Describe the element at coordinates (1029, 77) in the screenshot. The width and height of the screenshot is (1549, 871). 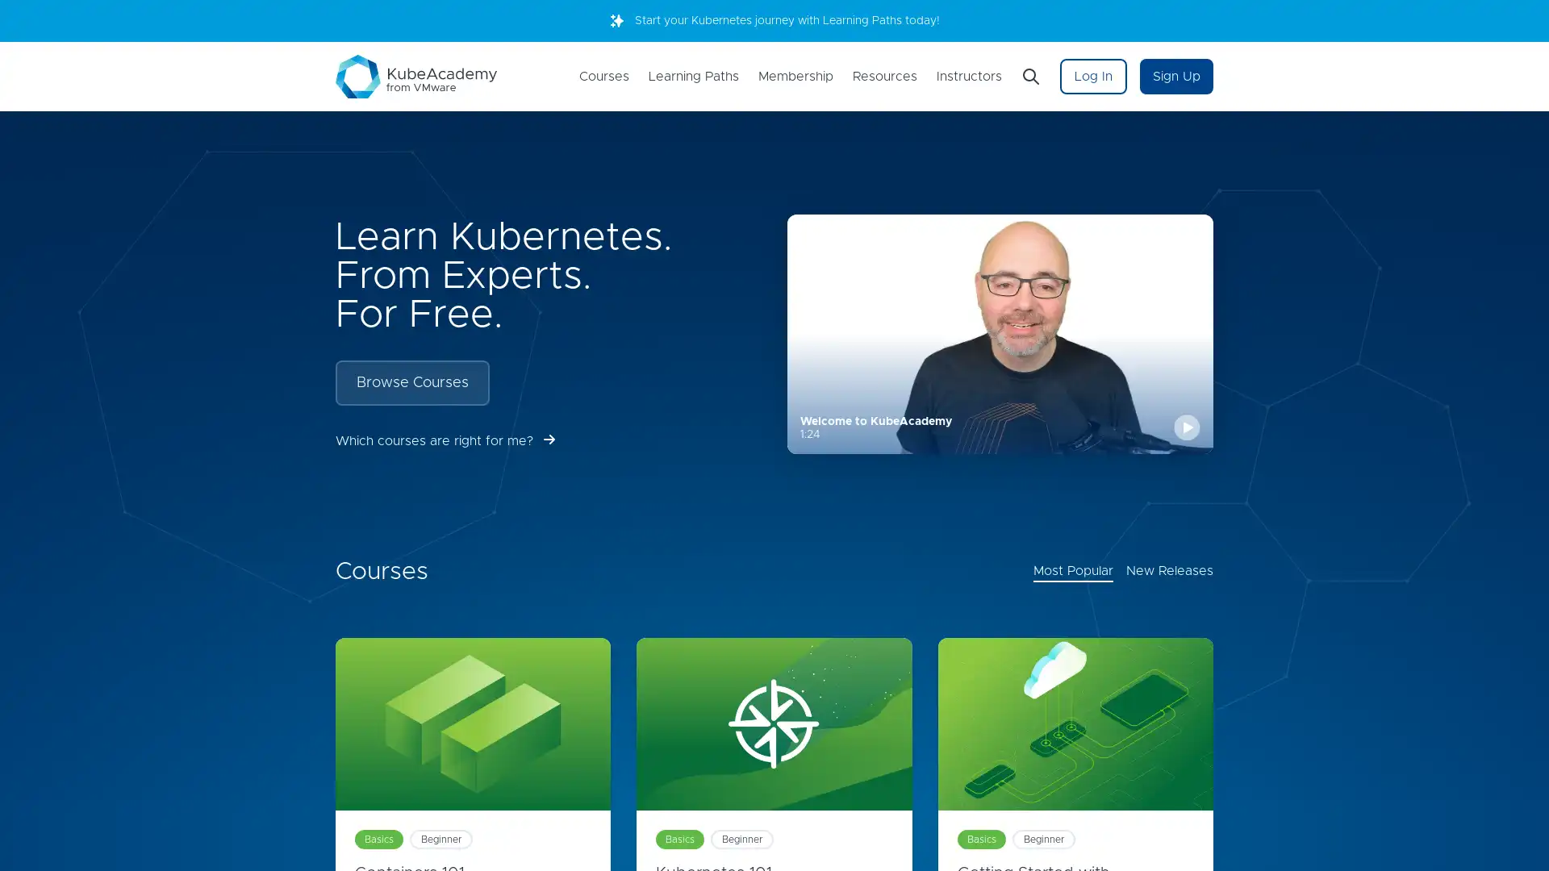
I see `Toggle Search` at that location.